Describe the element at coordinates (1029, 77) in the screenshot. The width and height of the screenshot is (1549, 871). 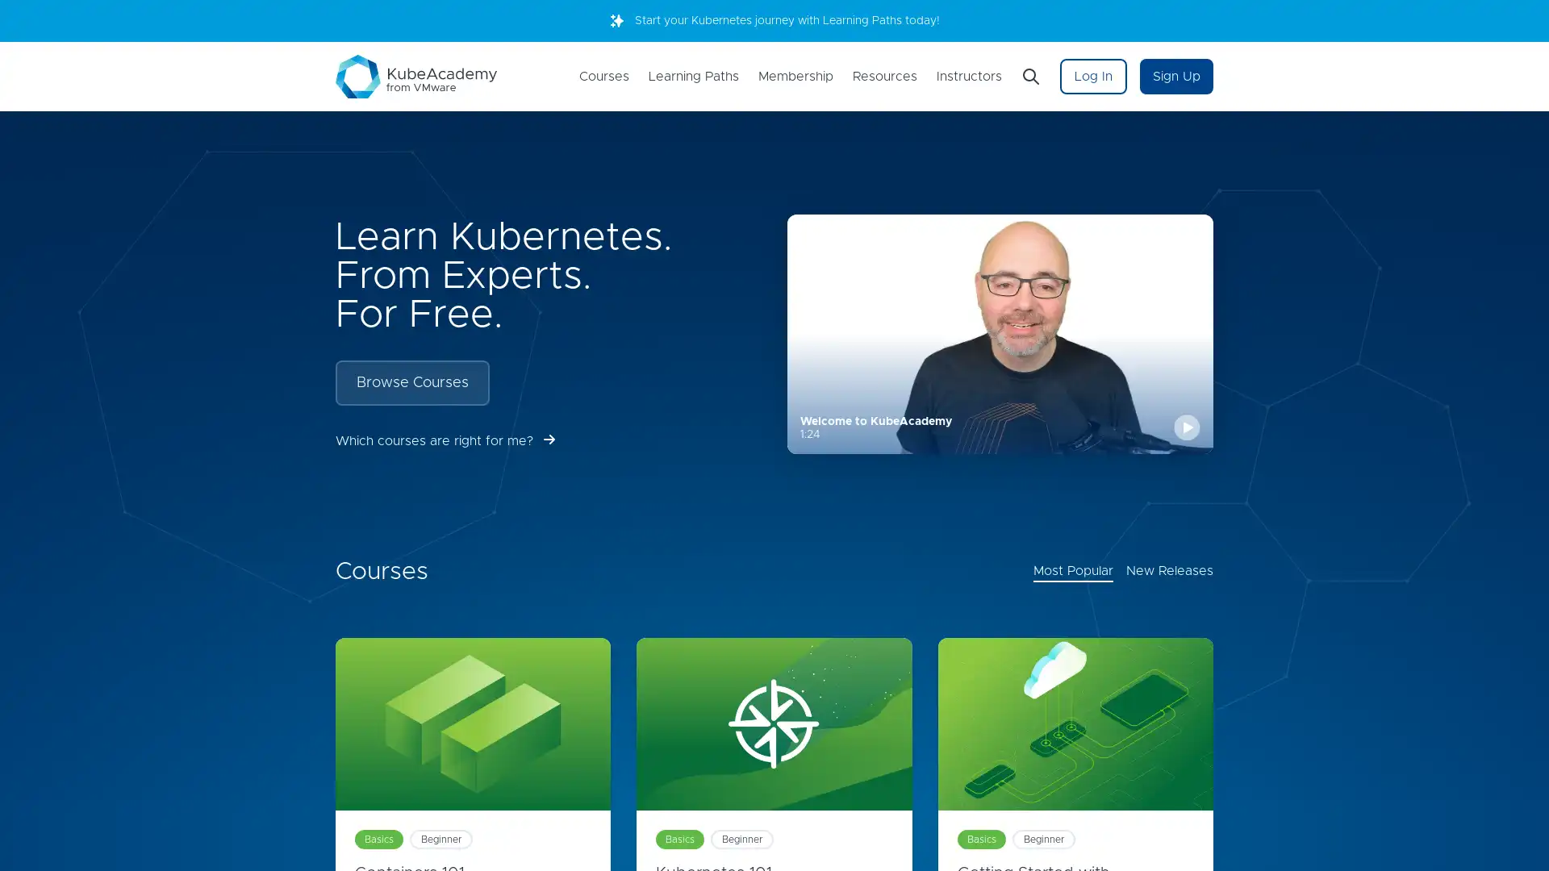
I see `Toggle Search` at that location.